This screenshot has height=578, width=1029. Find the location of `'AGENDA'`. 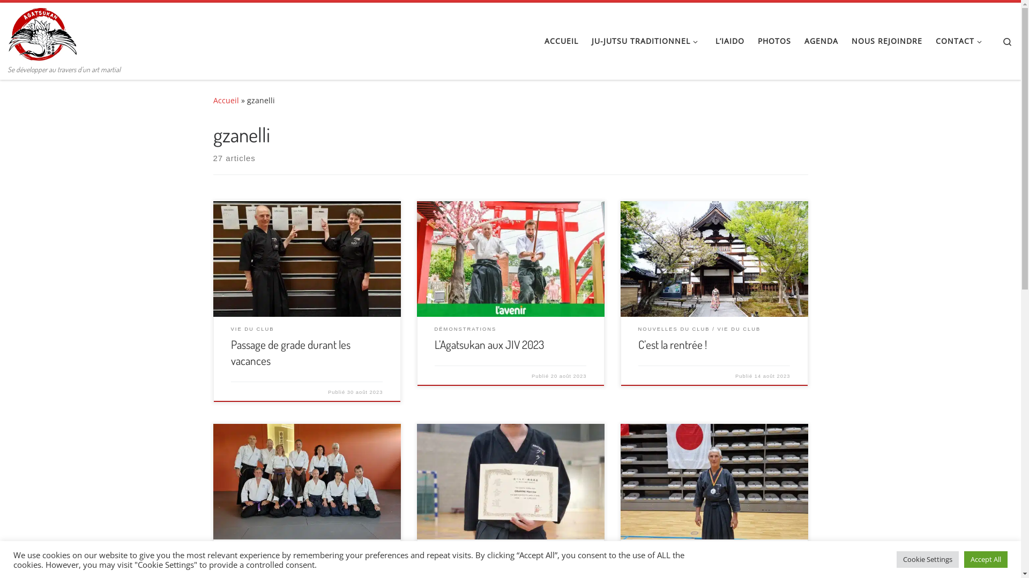

'AGENDA' is located at coordinates (820, 41).